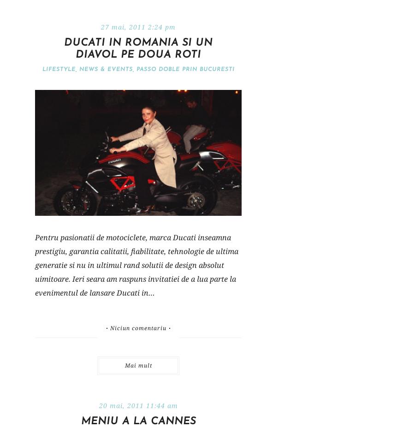 This screenshot has height=433, width=415. I want to click on 'Mai mult', so click(137, 365).